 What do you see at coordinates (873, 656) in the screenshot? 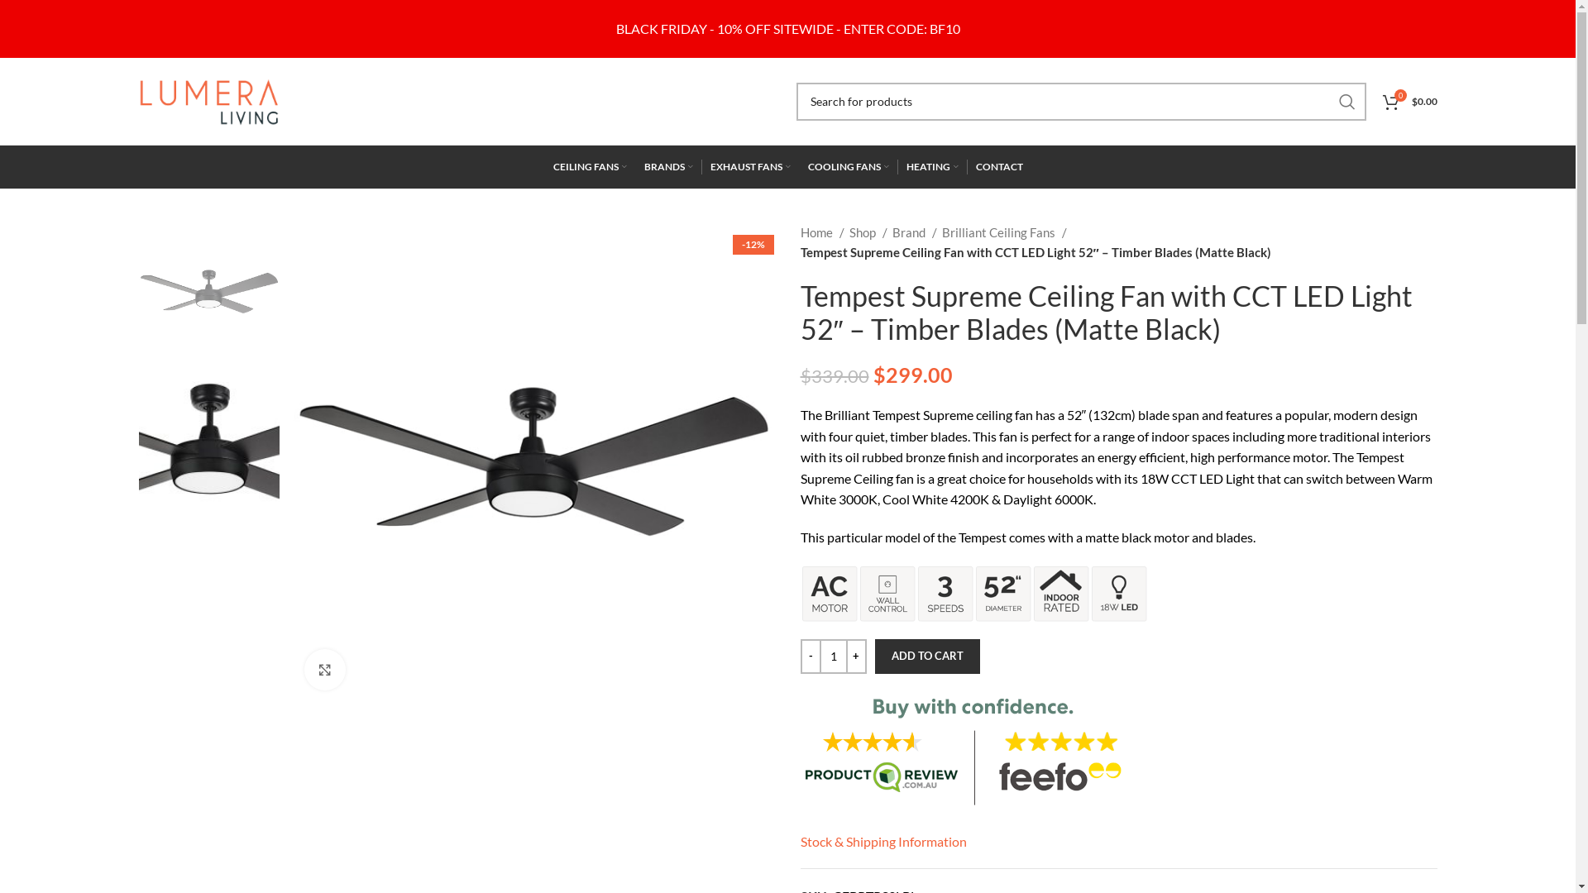
I see `'ADD TO CART'` at bounding box center [873, 656].